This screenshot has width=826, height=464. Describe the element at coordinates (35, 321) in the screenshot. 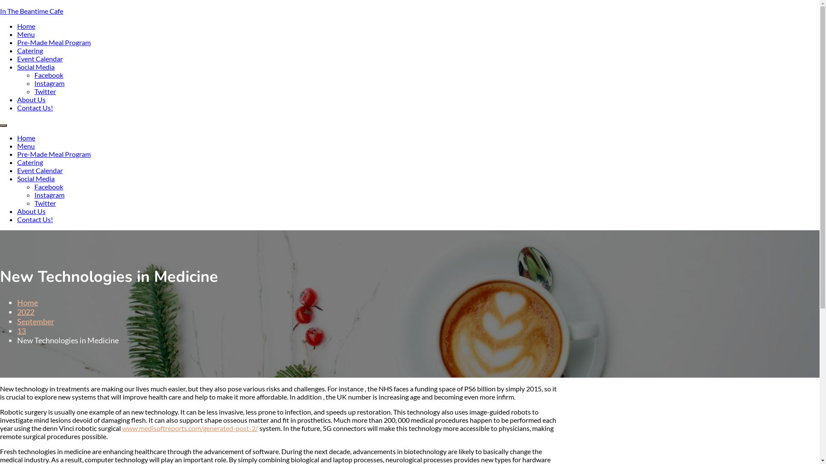

I see `'September'` at that location.